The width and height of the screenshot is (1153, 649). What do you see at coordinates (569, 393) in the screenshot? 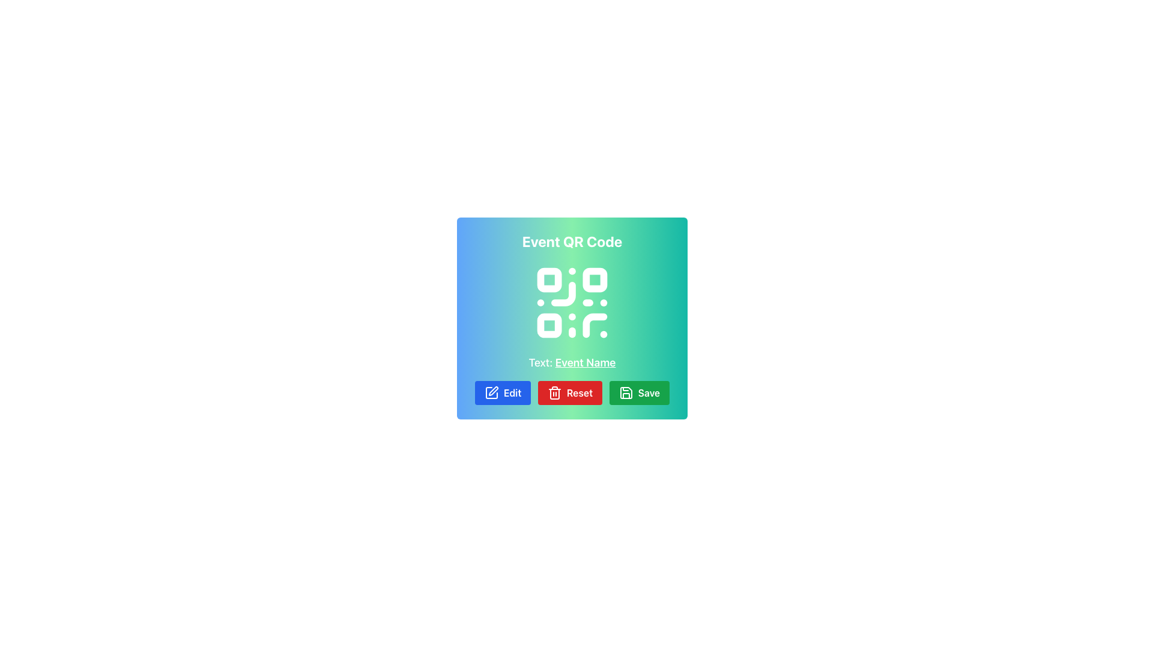
I see `the 'Reset' button located in the center-bottom section of the interface, positioned between the 'Edit' (blue) button on the left and 'Save' (green) button on the right` at bounding box center [569, 393].